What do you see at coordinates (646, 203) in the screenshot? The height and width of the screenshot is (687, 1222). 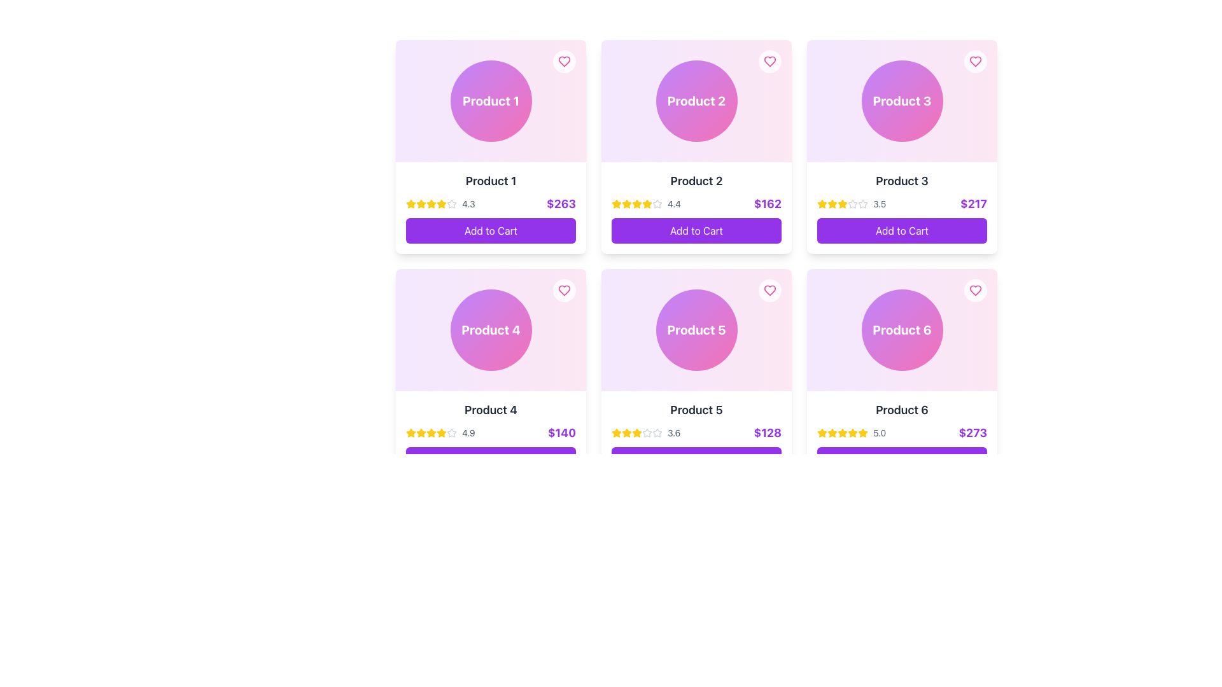 I see `the star representation and numeric rating of the Graphical Icon (Star Rating) located in the 'Product 2' card, specifically the third filled star with a numeric rating of '4.4'` at bounding box center [646, 203].